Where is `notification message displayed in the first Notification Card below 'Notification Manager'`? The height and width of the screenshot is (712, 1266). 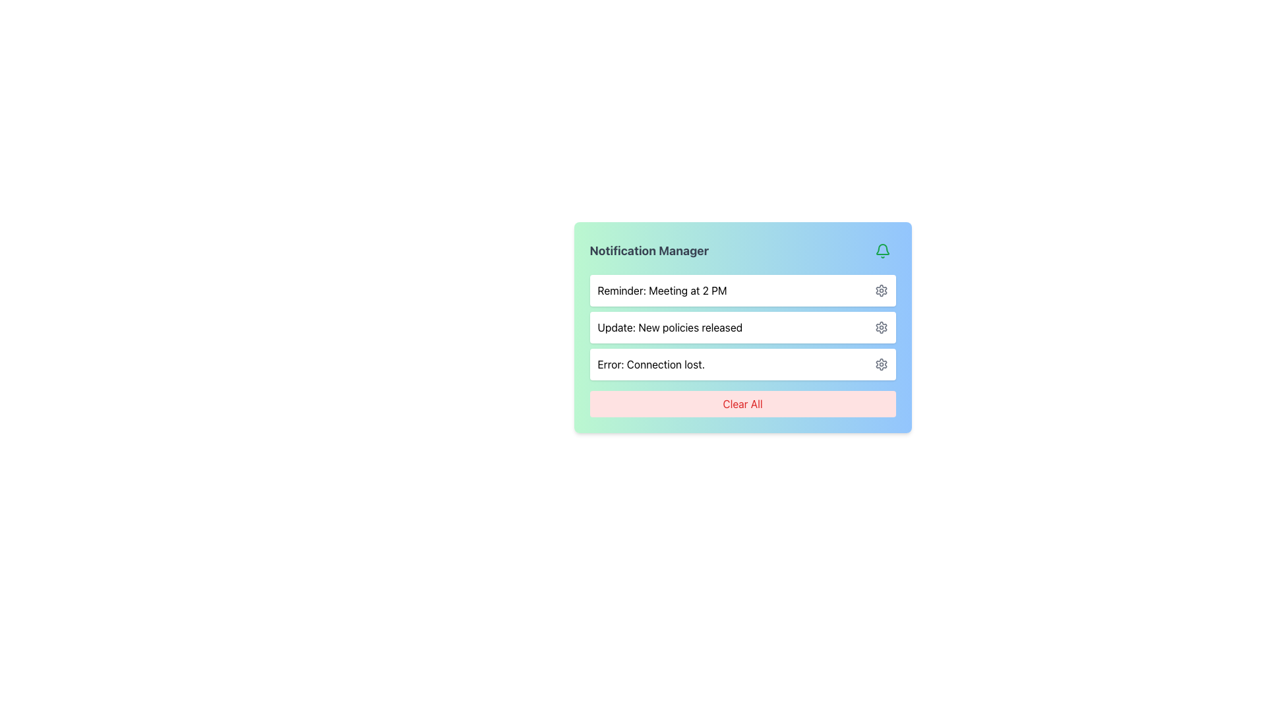 notification message displayed in the first Notification Card below 'Notification Manager' is located at coordinates (742, 289).